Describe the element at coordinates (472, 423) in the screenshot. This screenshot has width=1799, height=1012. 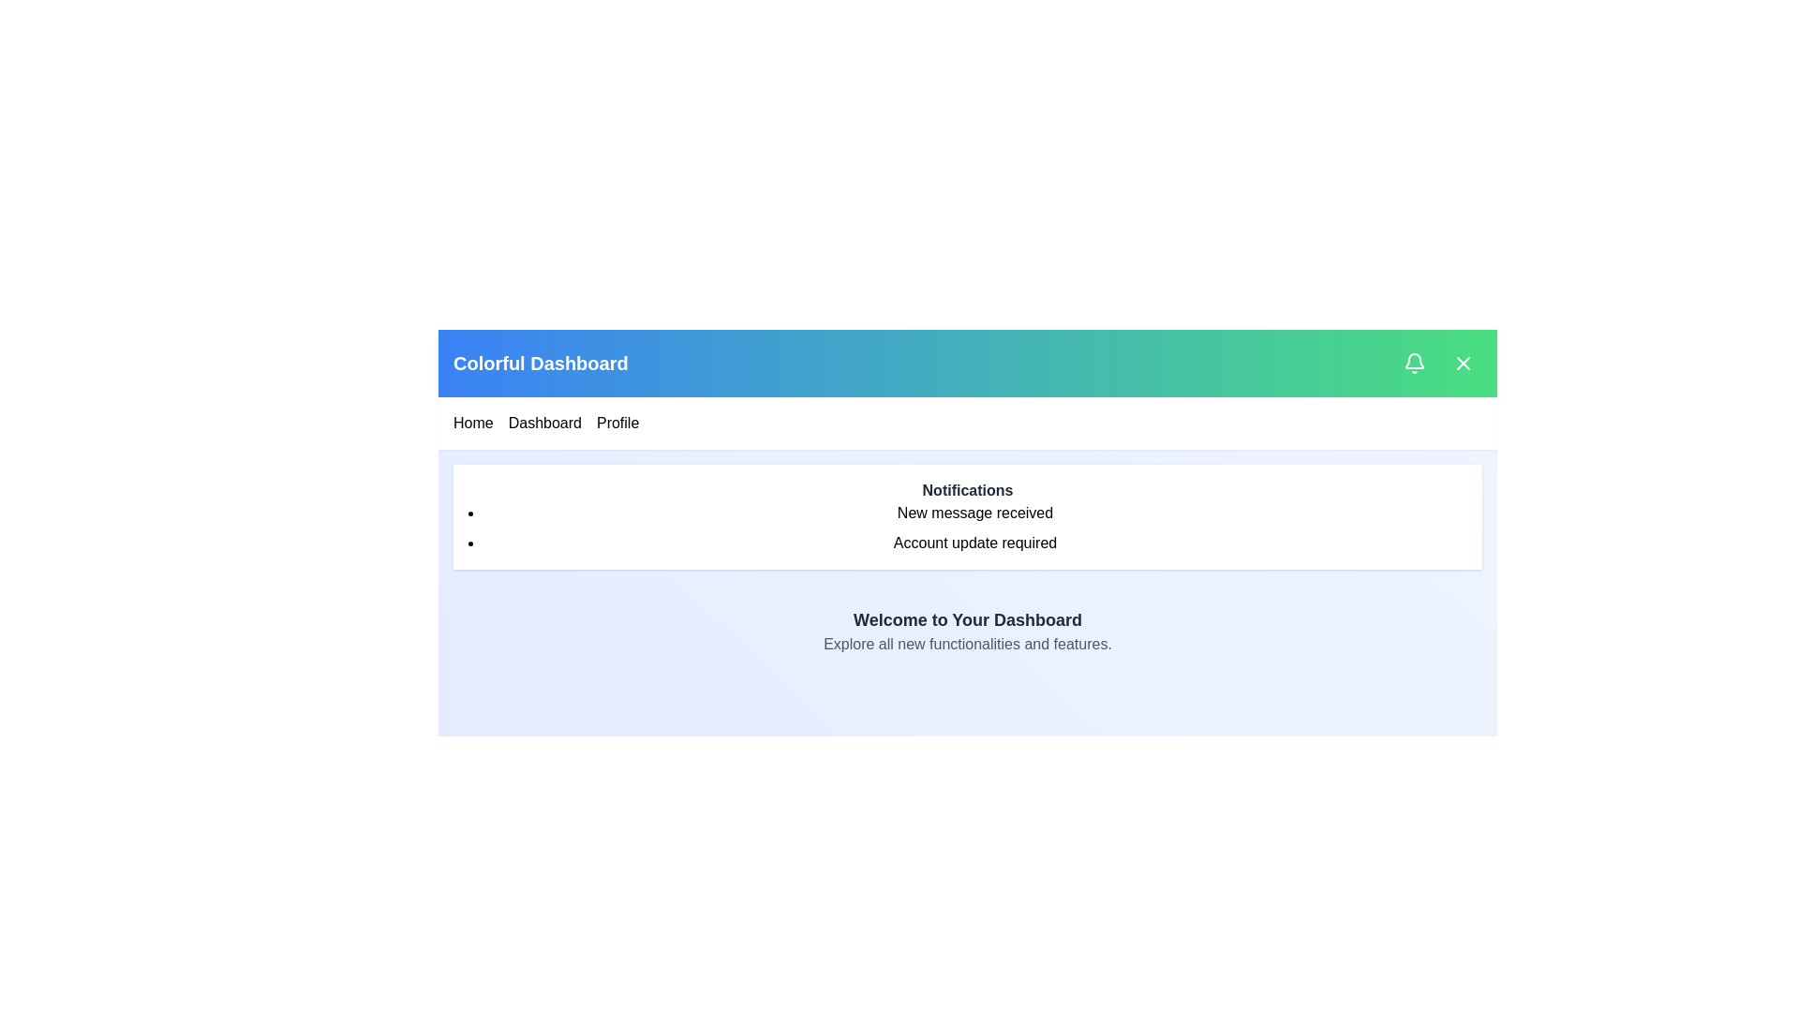
I see `the navigation menu item Home` at that location.